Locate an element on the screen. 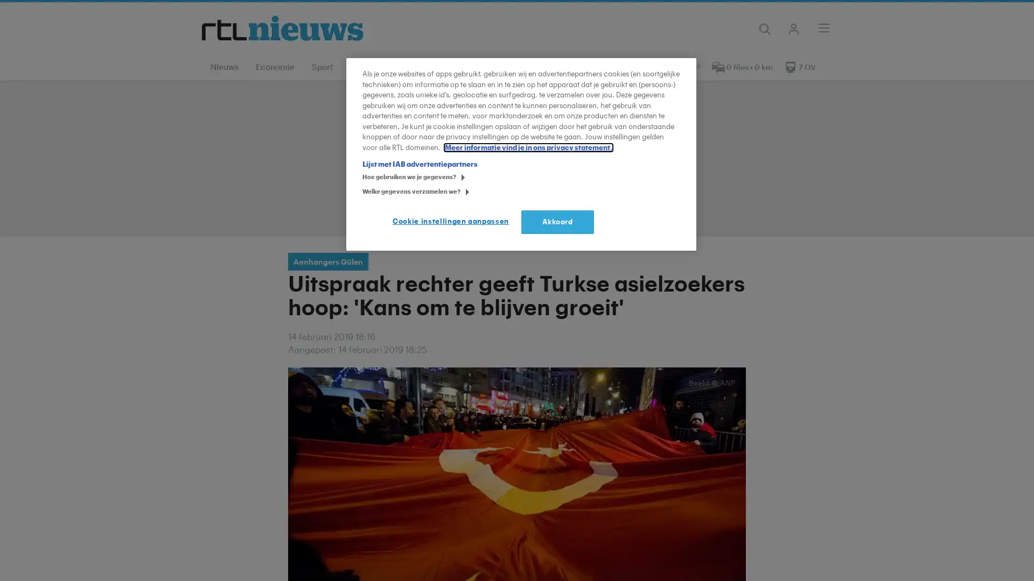 This screenshot has height=581, width=1034. Hoe gebruiken we je gegevens? is located at coordinates (366, 178).